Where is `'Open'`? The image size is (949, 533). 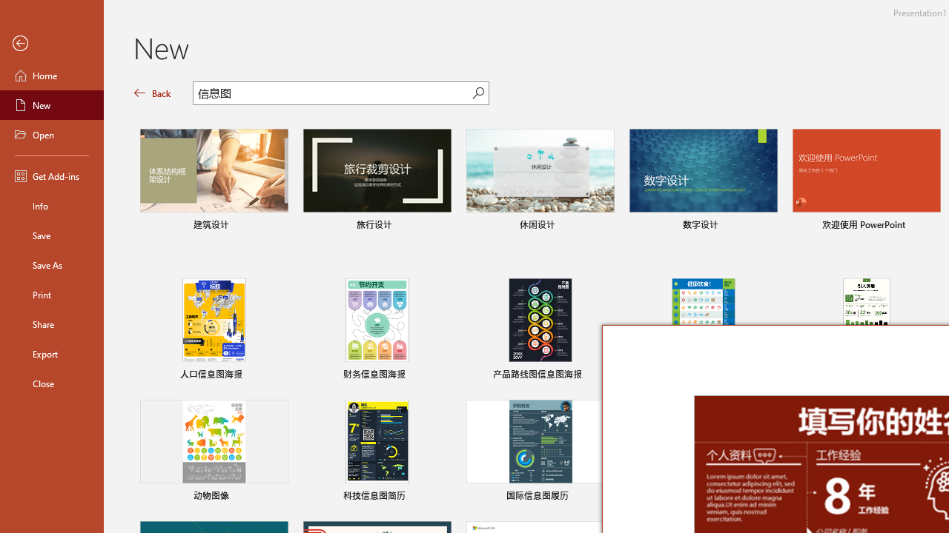
'Open' is located at coordinates (51, 135).